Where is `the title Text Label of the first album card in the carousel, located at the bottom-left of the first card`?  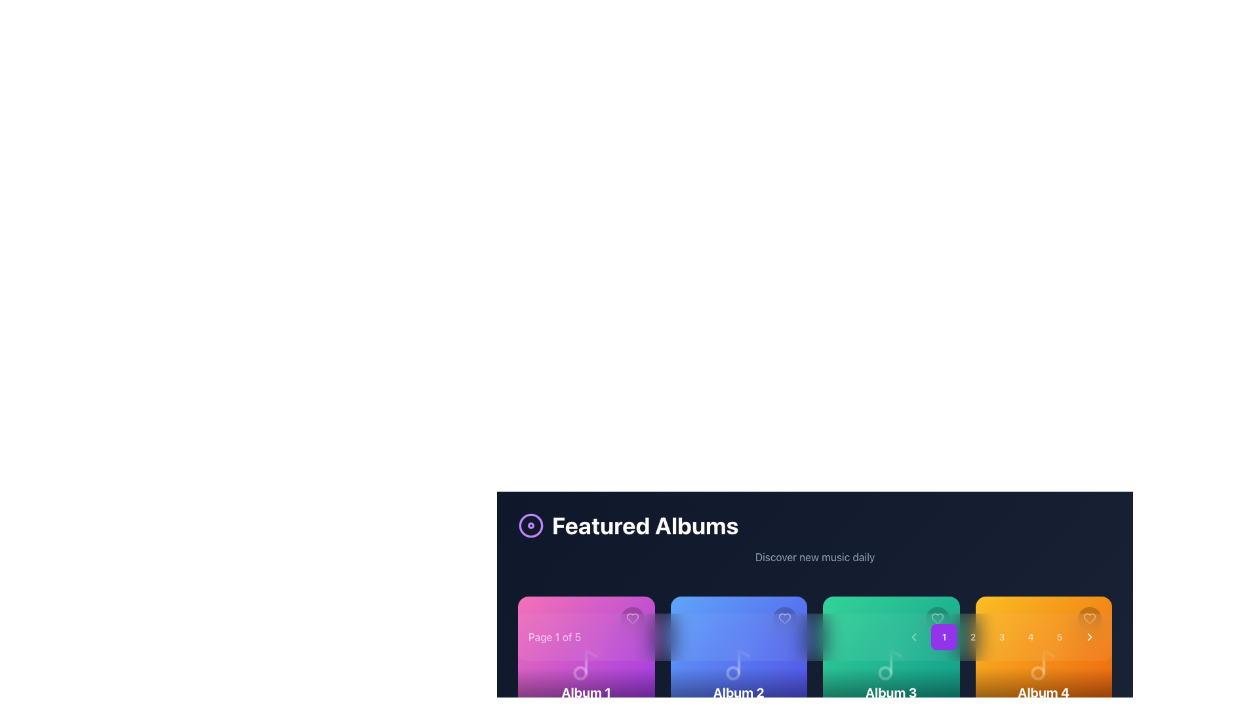
the title Text Label of the first album card in the carousel, located at the bottom-left of the first card is located at coordinates (586, 692).